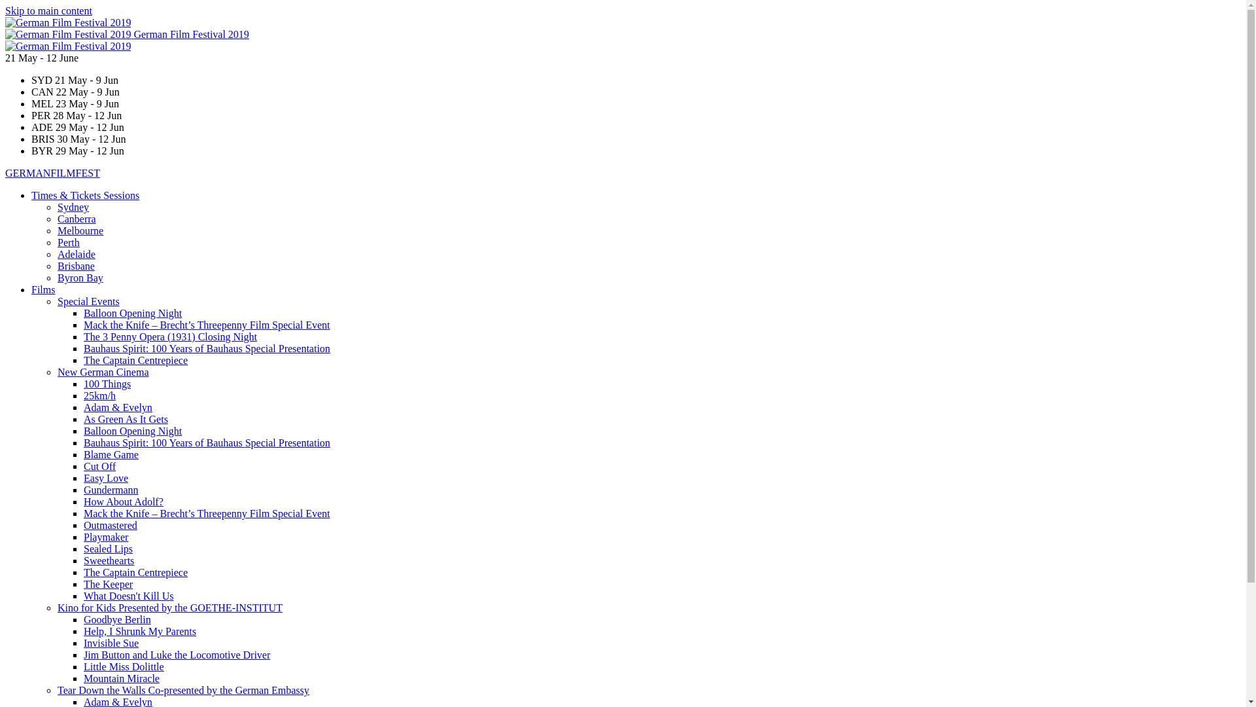  What do you see at coordinates (135, 360) in the screenshot?
I see `'The Captain Centrepiece'` at bounding box center [135, 360].